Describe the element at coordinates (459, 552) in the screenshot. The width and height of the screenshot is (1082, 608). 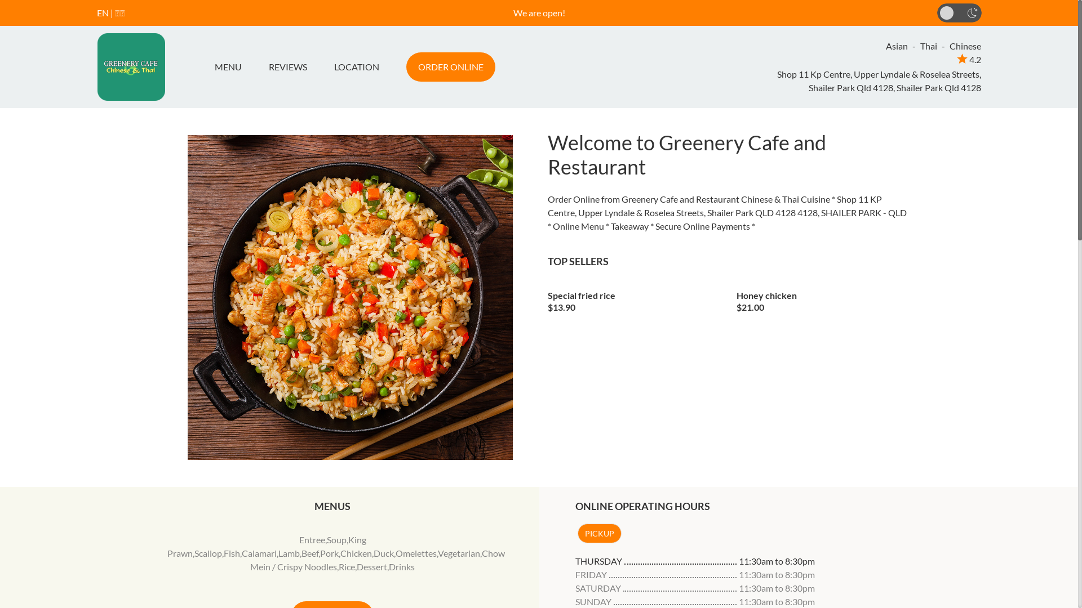
I see `'Vegetarian'` at that location.